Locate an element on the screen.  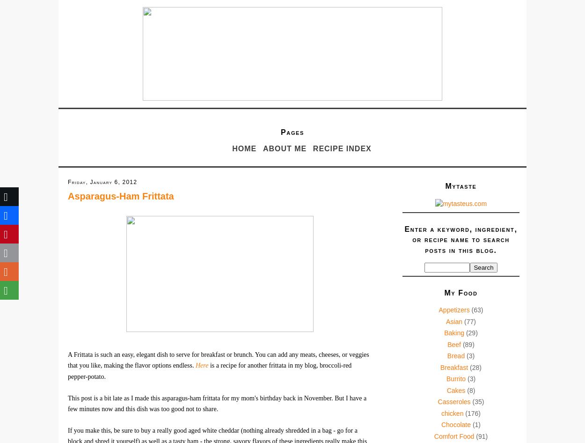
'Home' is located at coordinates (244, 148).